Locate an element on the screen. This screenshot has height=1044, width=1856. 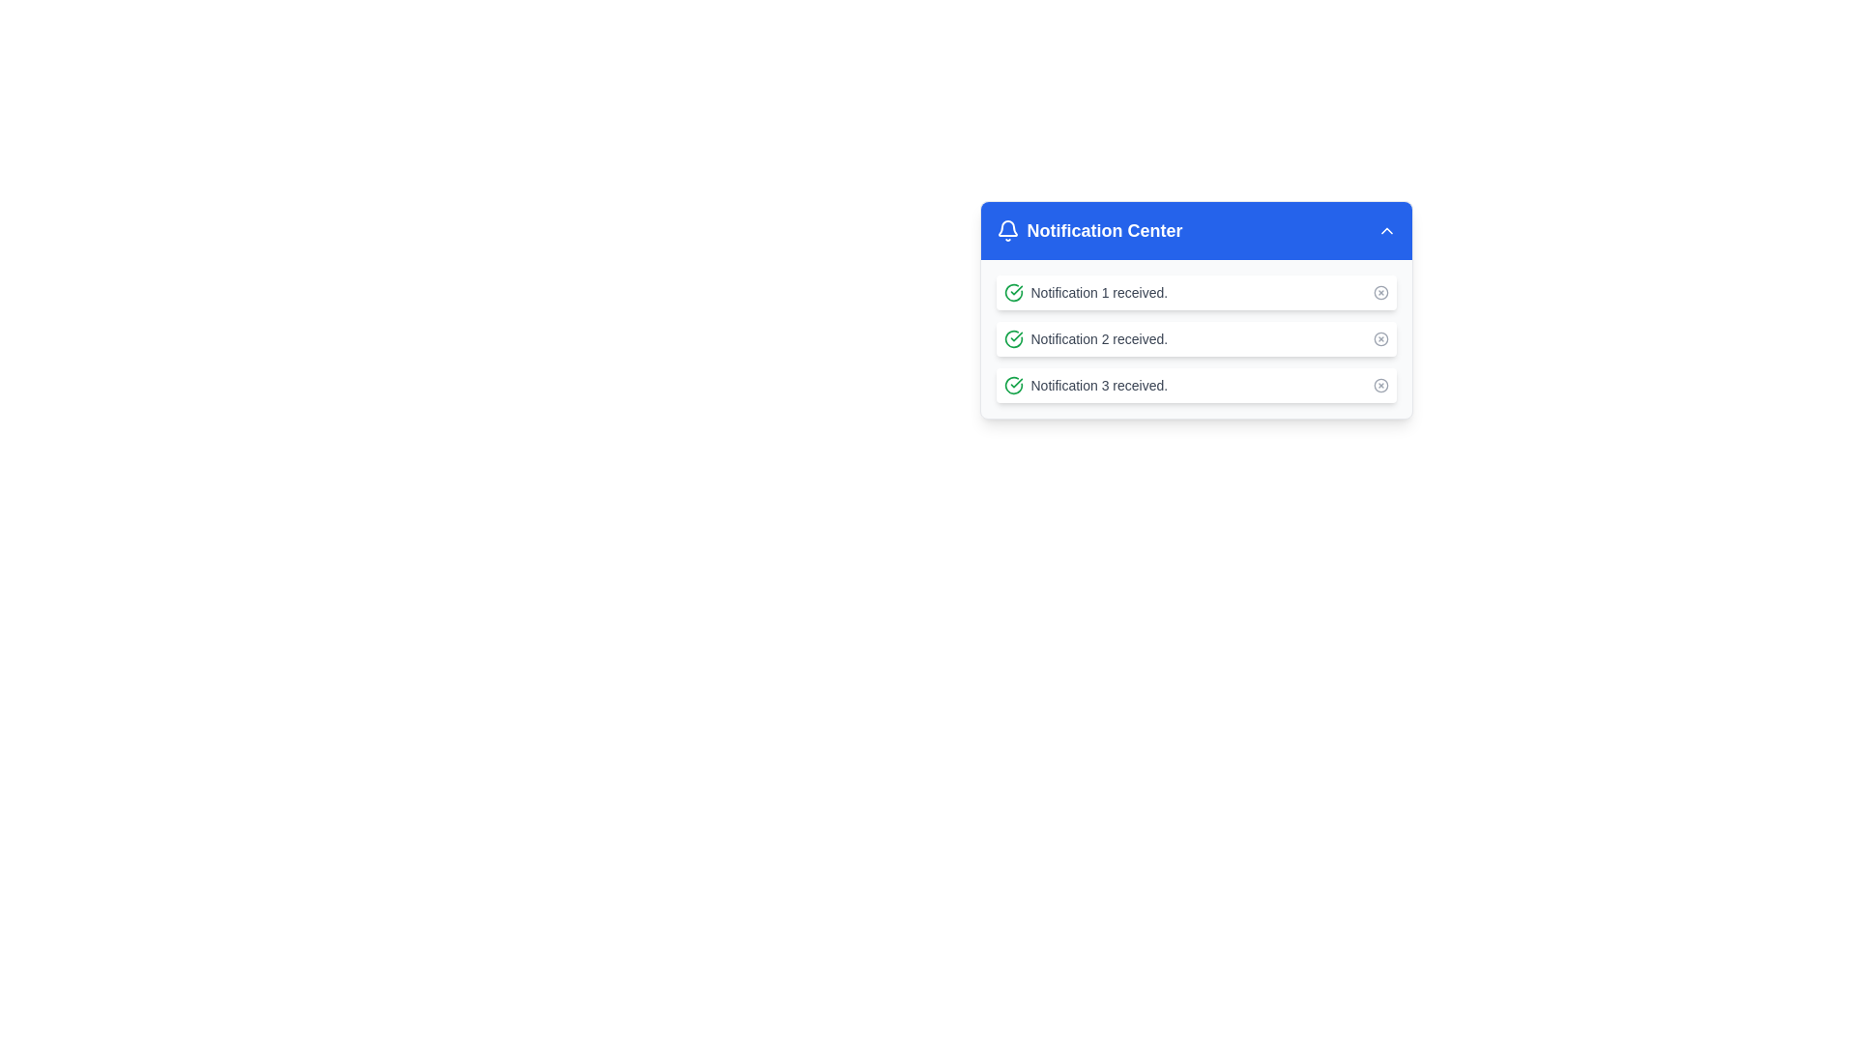
the green circular icon with a checkmark inside, located to the left of the notification text 'Notification 3 received.' is located at coordinates (1012, 385).